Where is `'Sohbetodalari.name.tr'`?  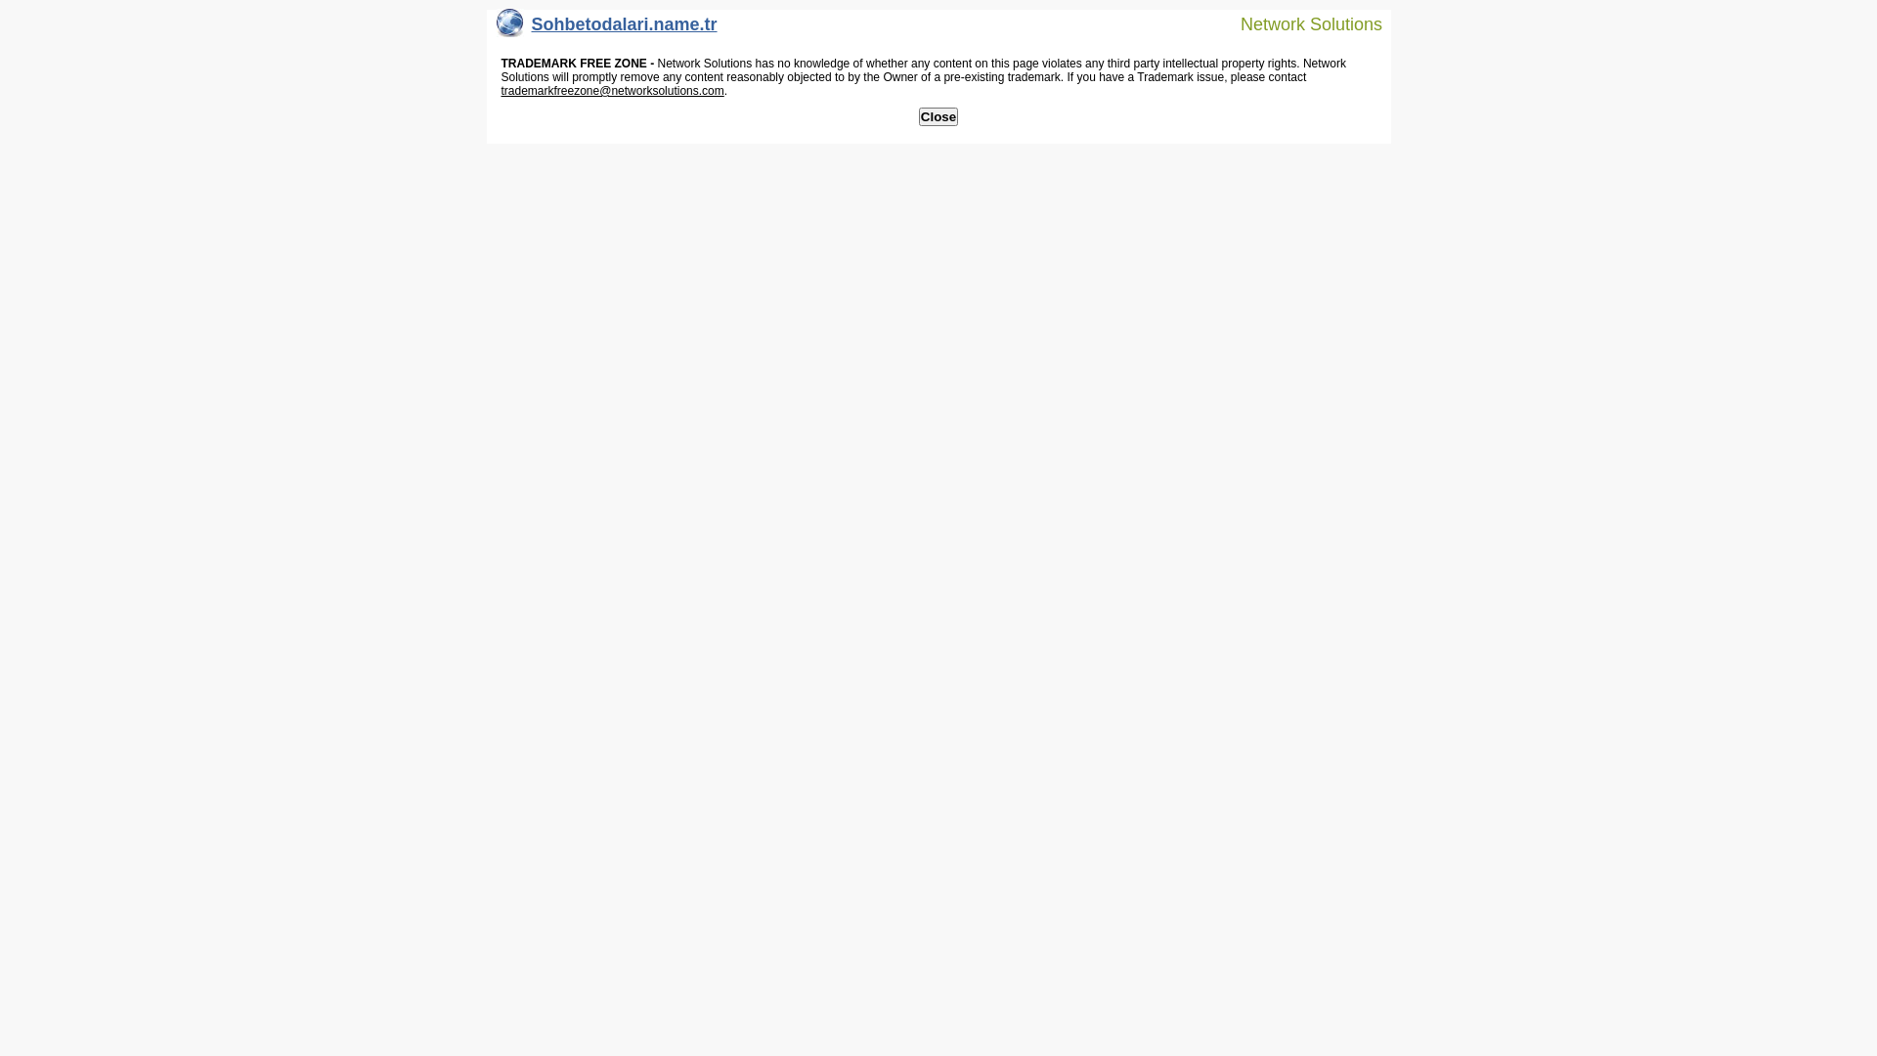 'Sohbetodalari.name.tr' is located at coordinates (605, 28).